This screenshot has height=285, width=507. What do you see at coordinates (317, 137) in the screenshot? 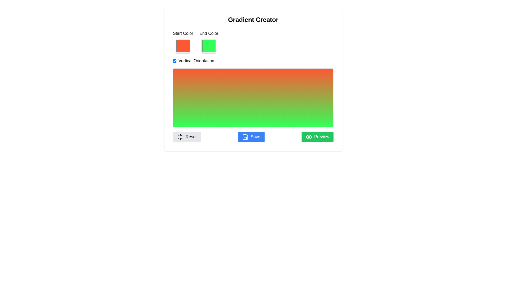
I see `the 'Preview' button, which is the third button with a green background and an eye icon, to change its background color` at bounding box center [317, 137].